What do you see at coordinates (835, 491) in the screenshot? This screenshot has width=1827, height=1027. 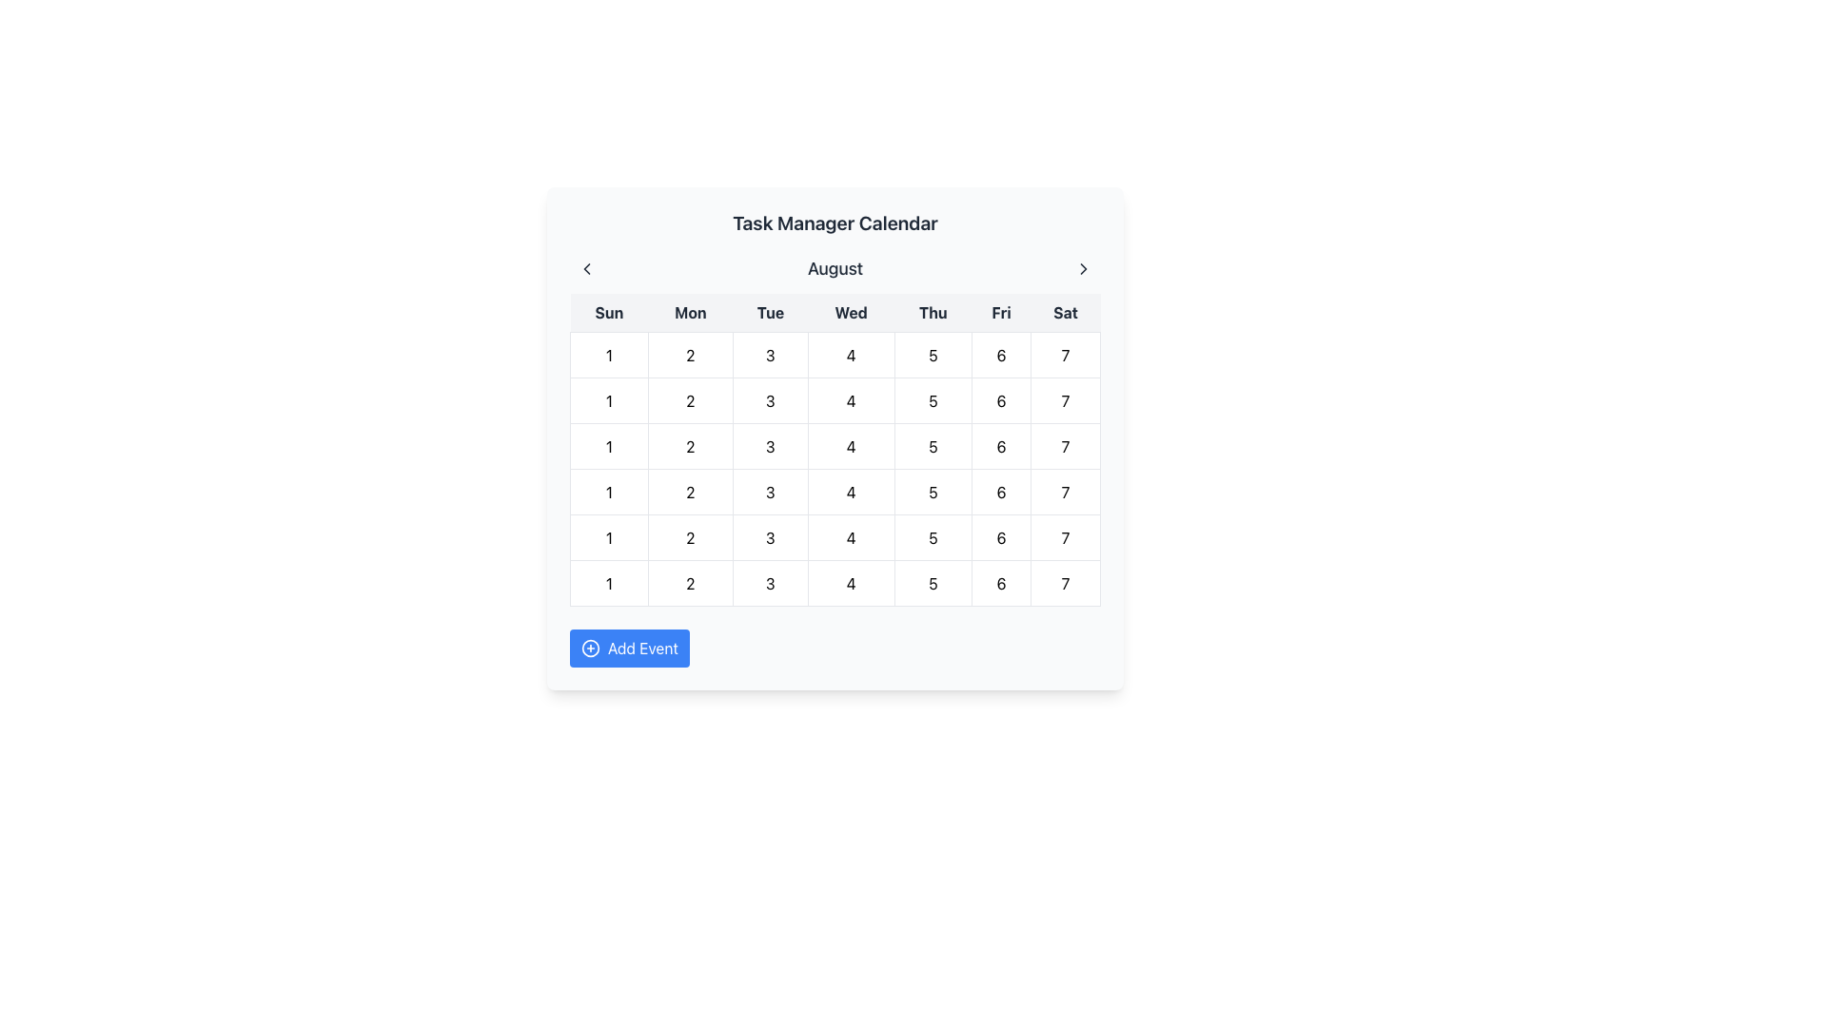 I see `the fifth row of days in the calendar grid under the 'Task Manager Calendar' for August` at bounding box center [835, 491].